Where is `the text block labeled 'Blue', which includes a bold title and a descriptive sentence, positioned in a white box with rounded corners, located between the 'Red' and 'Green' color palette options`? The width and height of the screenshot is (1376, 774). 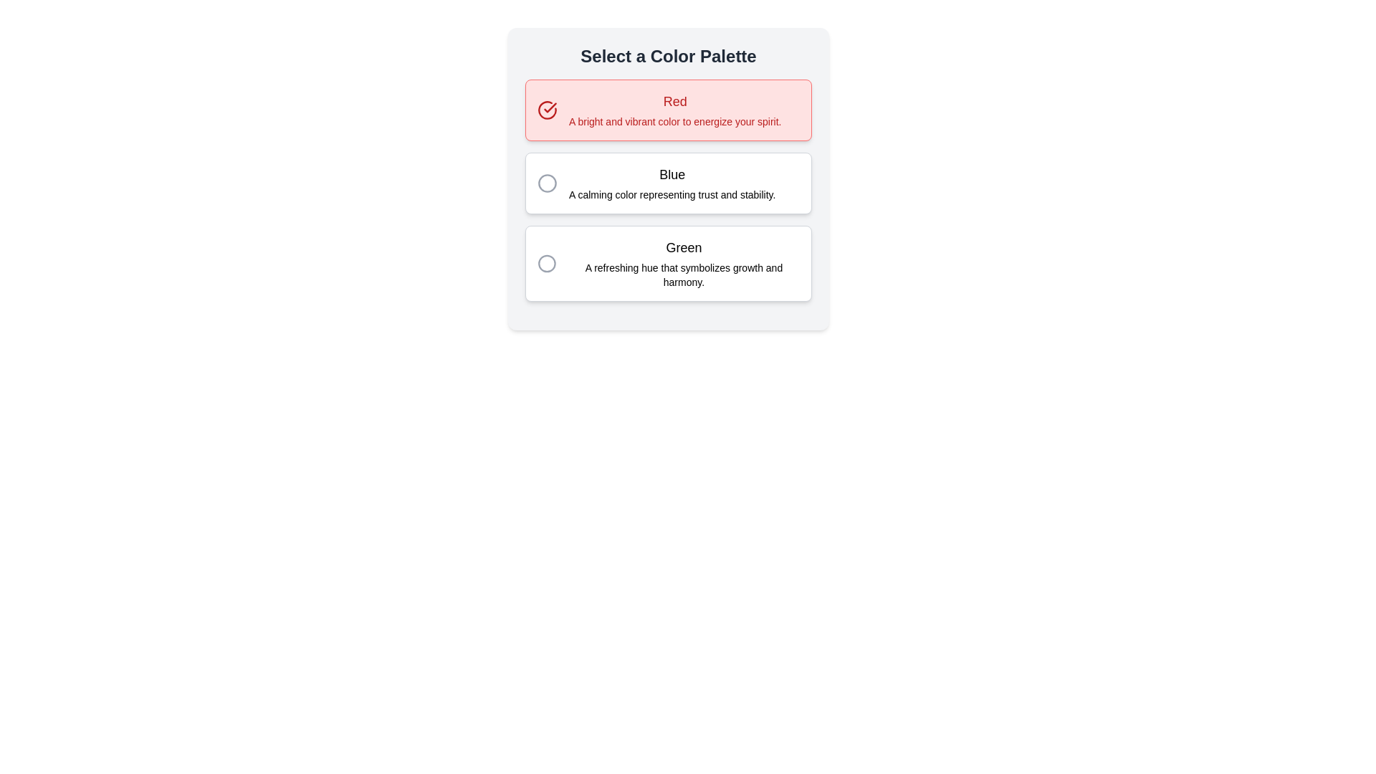 the text block labeled 'Blue', which includes a bold title and a descriptive sentence, positioned in a white box with rounded corners, located between the 'Red' and 'Green' color palette options is located at coordinates (672, 182).